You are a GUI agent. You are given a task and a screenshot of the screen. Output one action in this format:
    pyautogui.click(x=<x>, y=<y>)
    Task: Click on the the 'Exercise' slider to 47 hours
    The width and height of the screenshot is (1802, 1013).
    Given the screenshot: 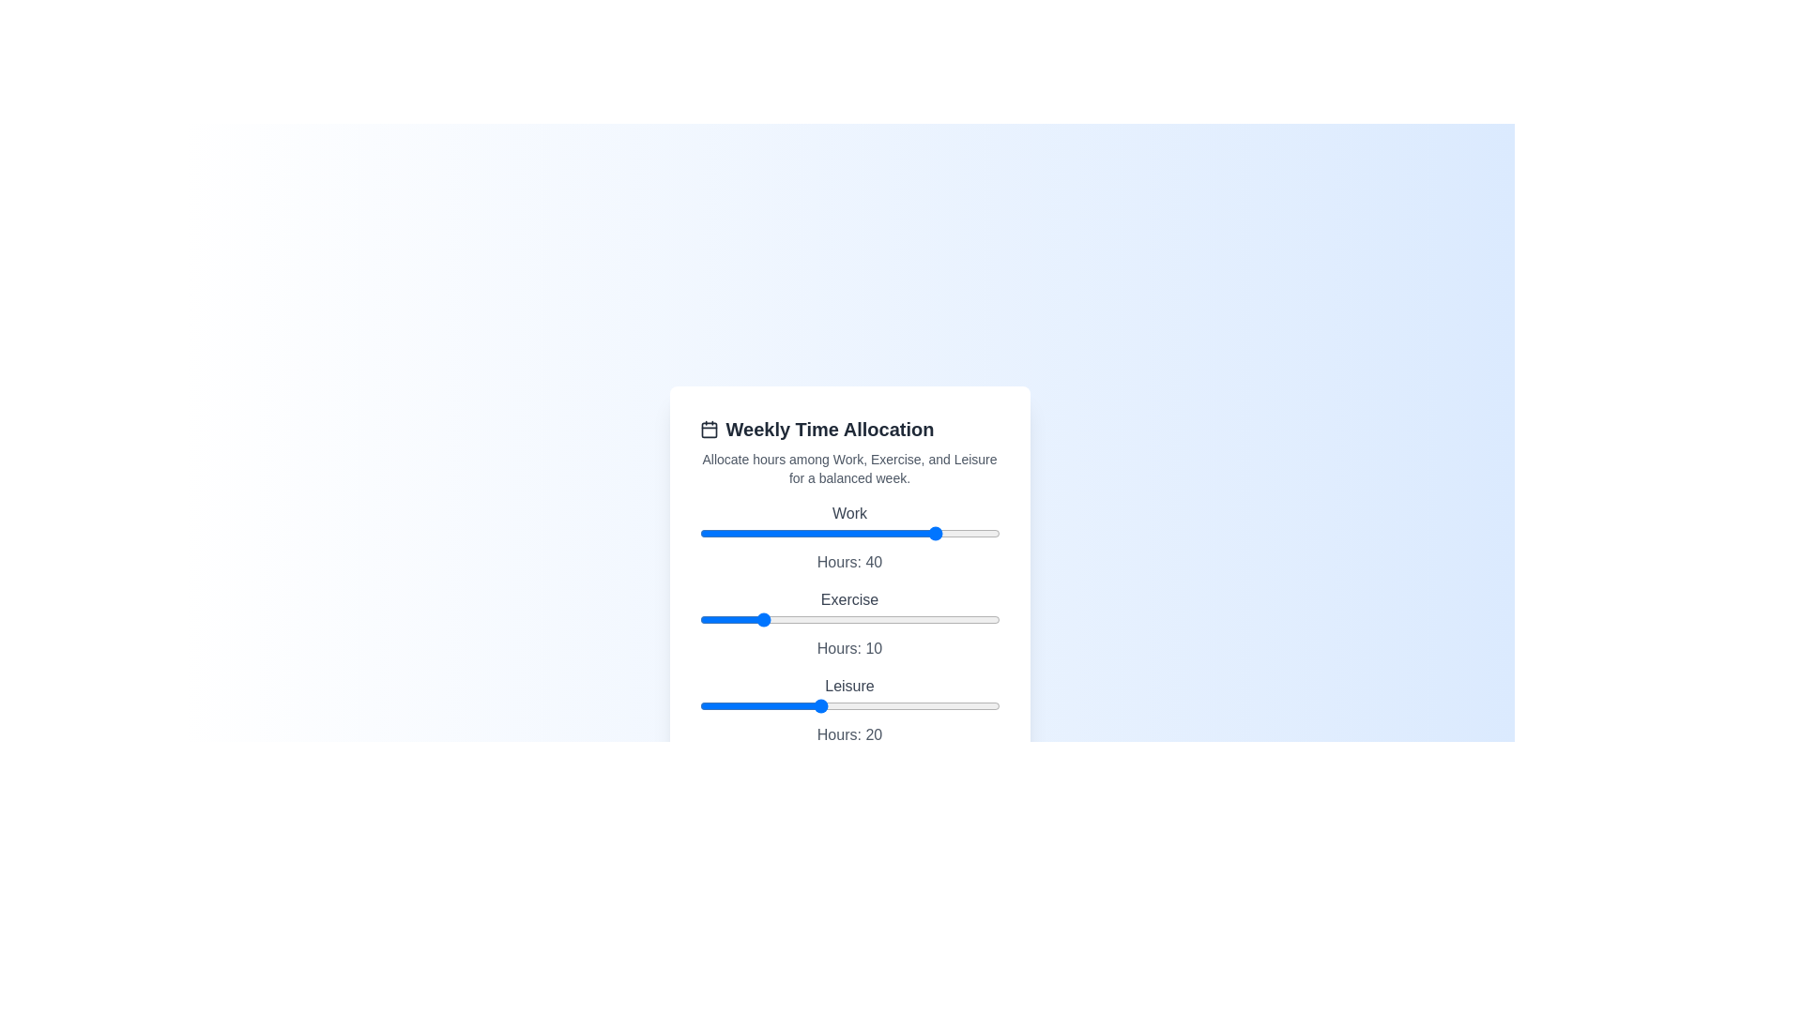 What is the action you would take?
    pyautogui.click(x=981, y=619)
    